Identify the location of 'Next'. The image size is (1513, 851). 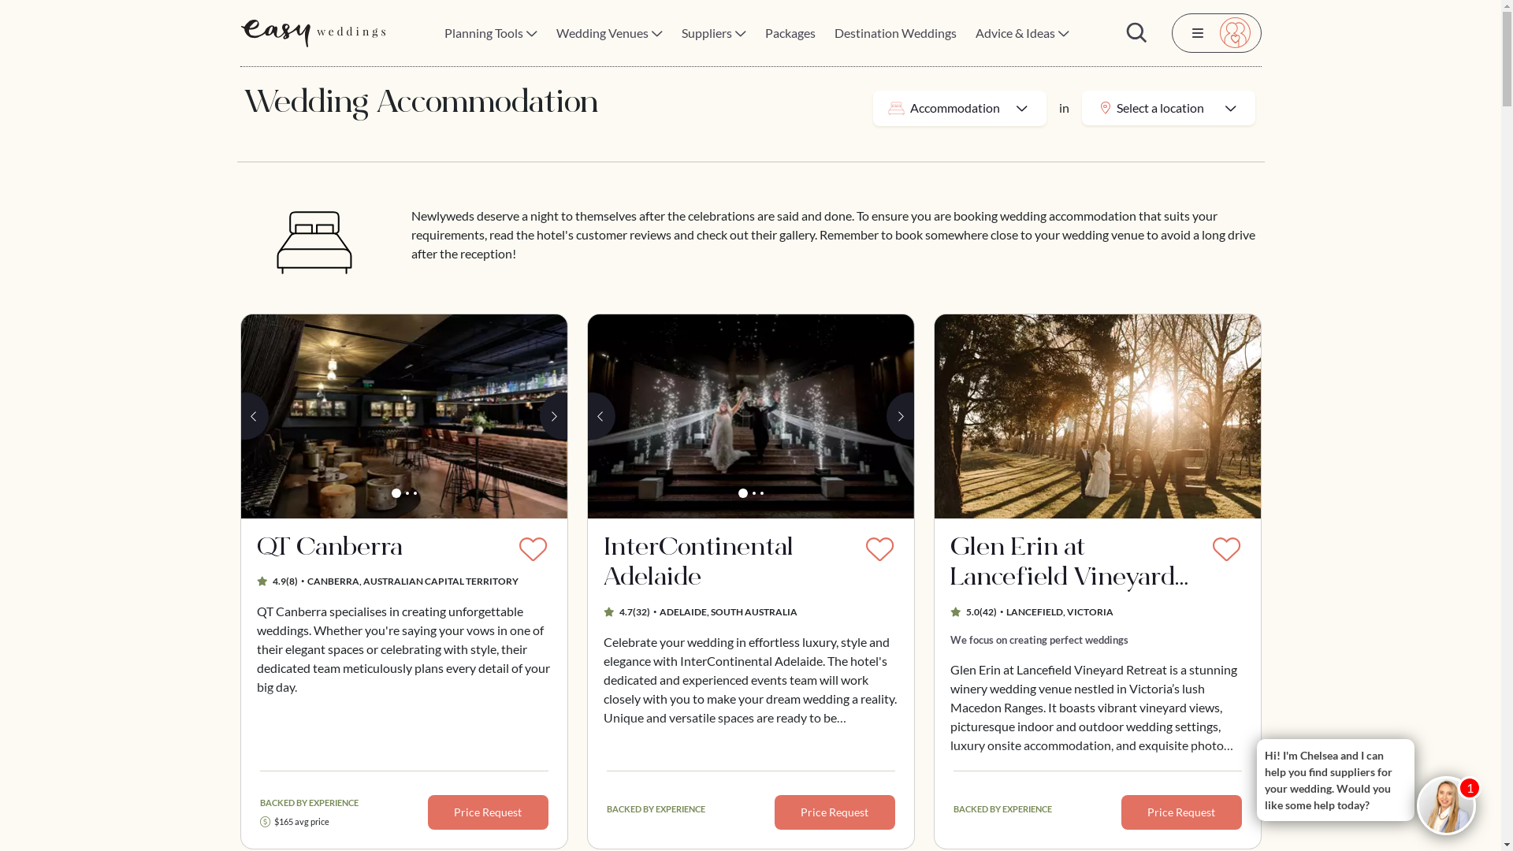
(899, 415).